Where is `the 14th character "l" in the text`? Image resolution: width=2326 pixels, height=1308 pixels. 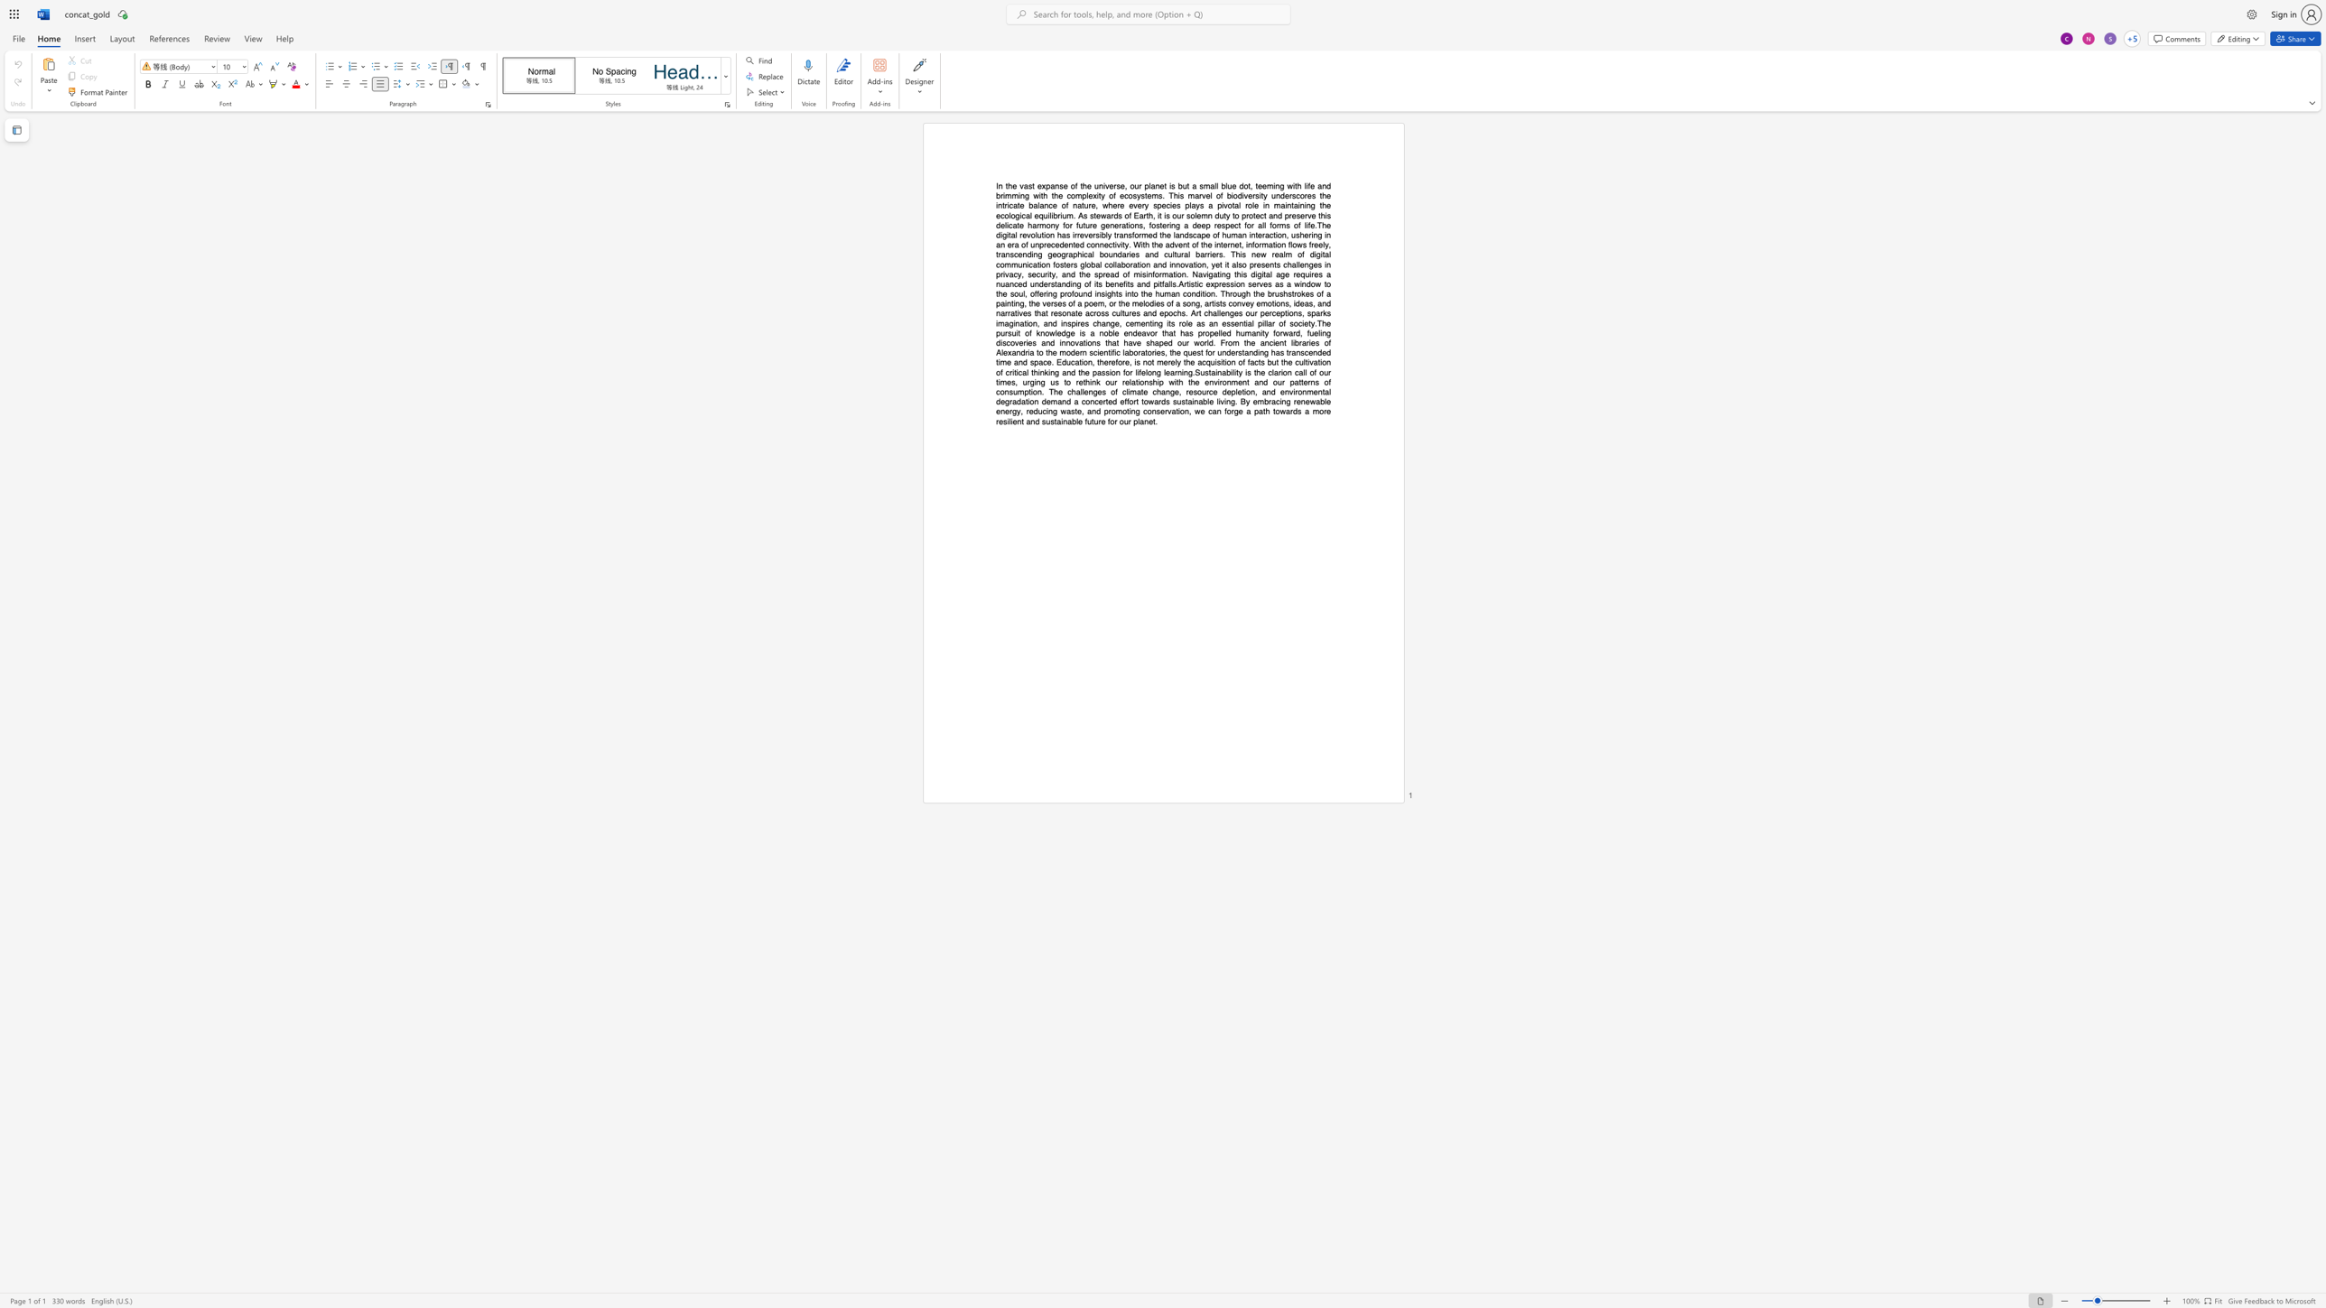 the 14th character "l" in the text is located at coordinates (1076, 421).